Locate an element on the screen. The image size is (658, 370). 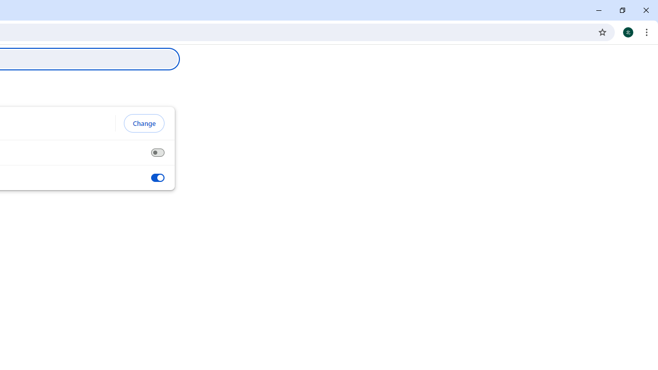
'Ask where to save each file before downloading' is located at coordinates (157, 153).